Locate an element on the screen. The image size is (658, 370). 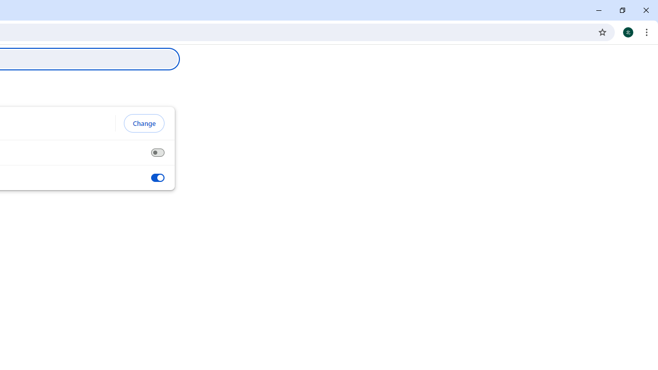
'Ask where to save each file before downloading' is located at coordinates (157, 153).